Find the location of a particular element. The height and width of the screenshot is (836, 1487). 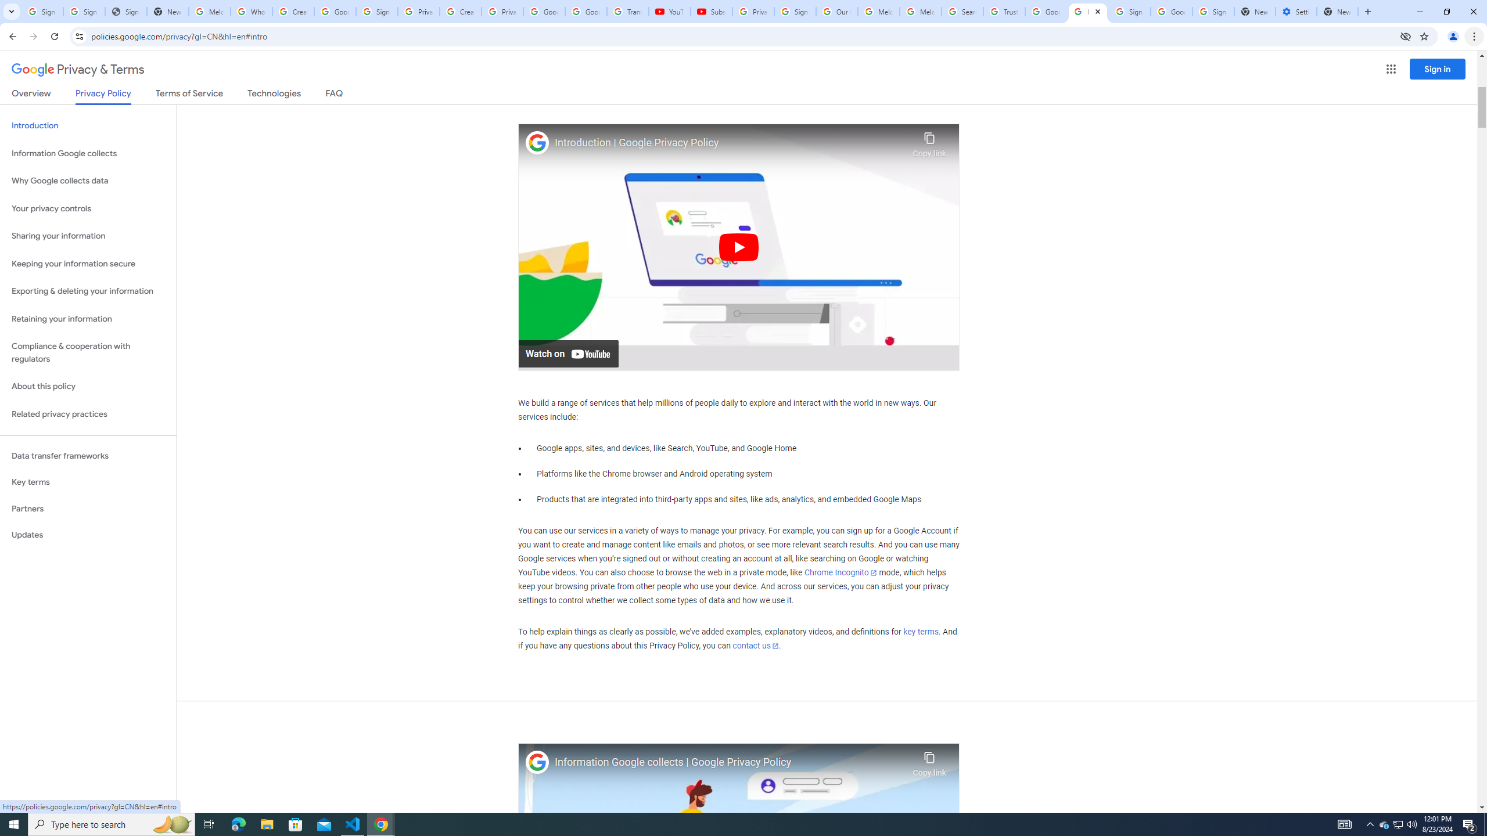

'Related privacy practices' is located at coordinates (88, 413).